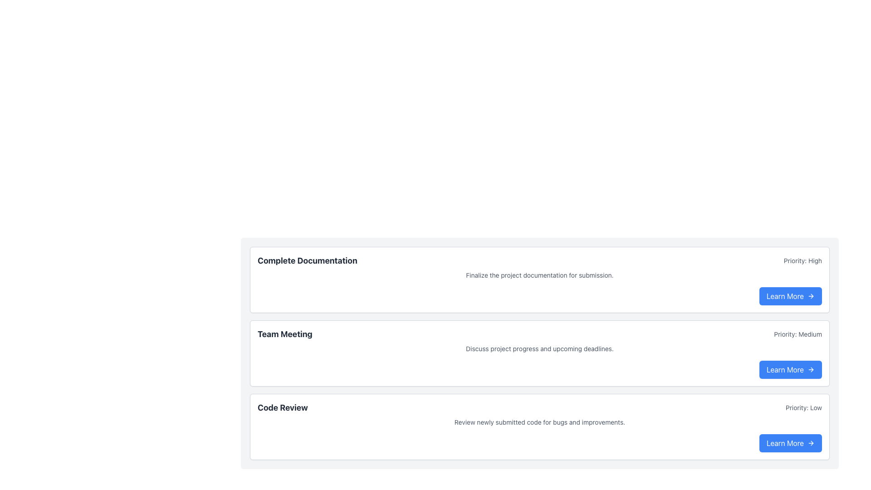 The width and height of the screenshot is (871, 490). What do you see at coordinates (790, 442) in the screenshot?
I see `the rightmost button in the last row of information cards to trigger a visual effect, which is associated with the 'Code Review' section and located near the text labeled 'Priority: Low'` at bounding box center [790, 442].